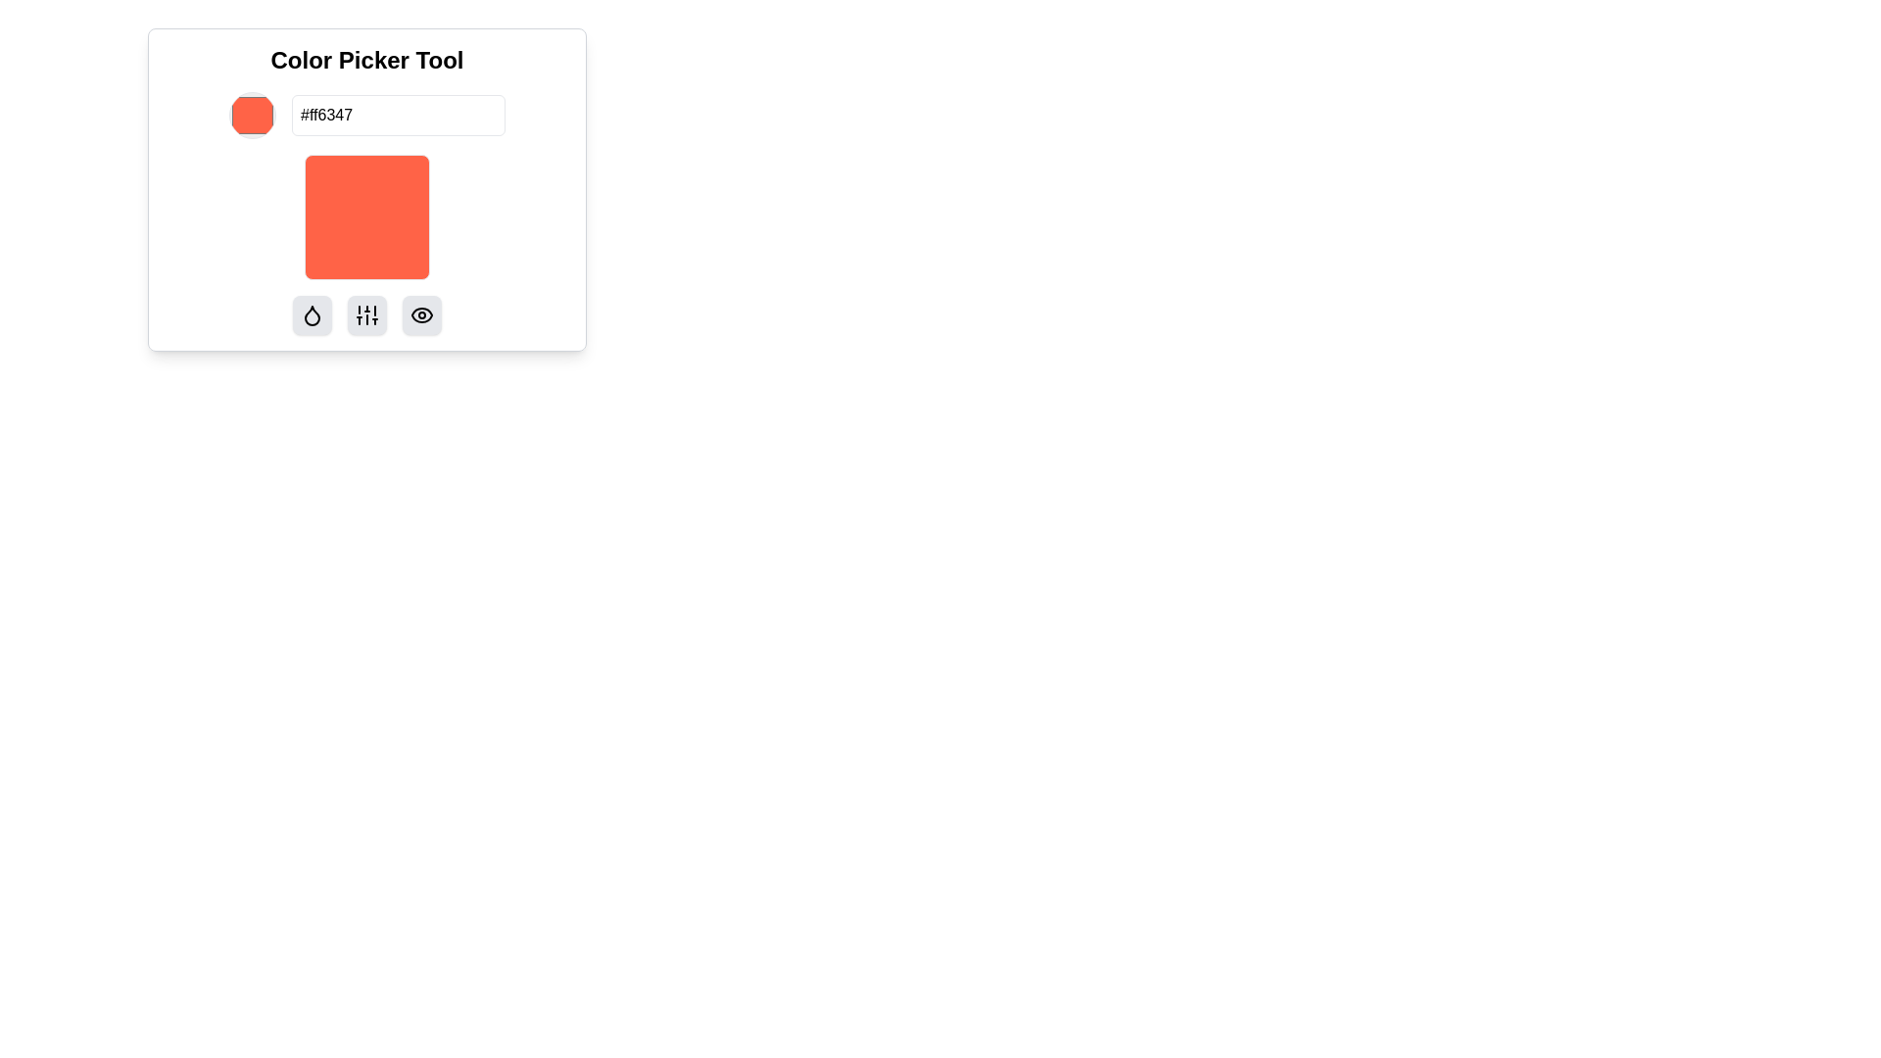 The image size is (1881, 1058). I want to click on the color-droplet Icon button located in the lower panel, which is the first button on the left in a row of three, so click(311, 314).